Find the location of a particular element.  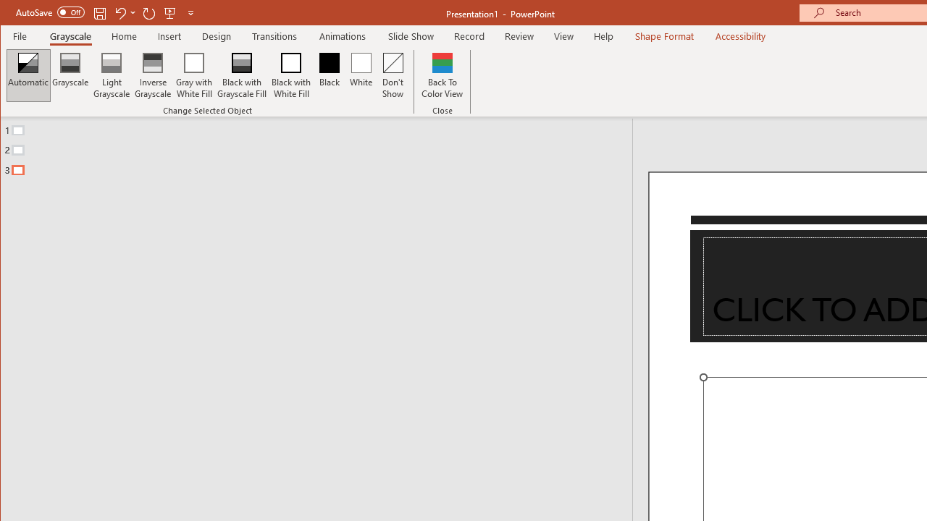

'Don' is located at coordinates (393, 75).